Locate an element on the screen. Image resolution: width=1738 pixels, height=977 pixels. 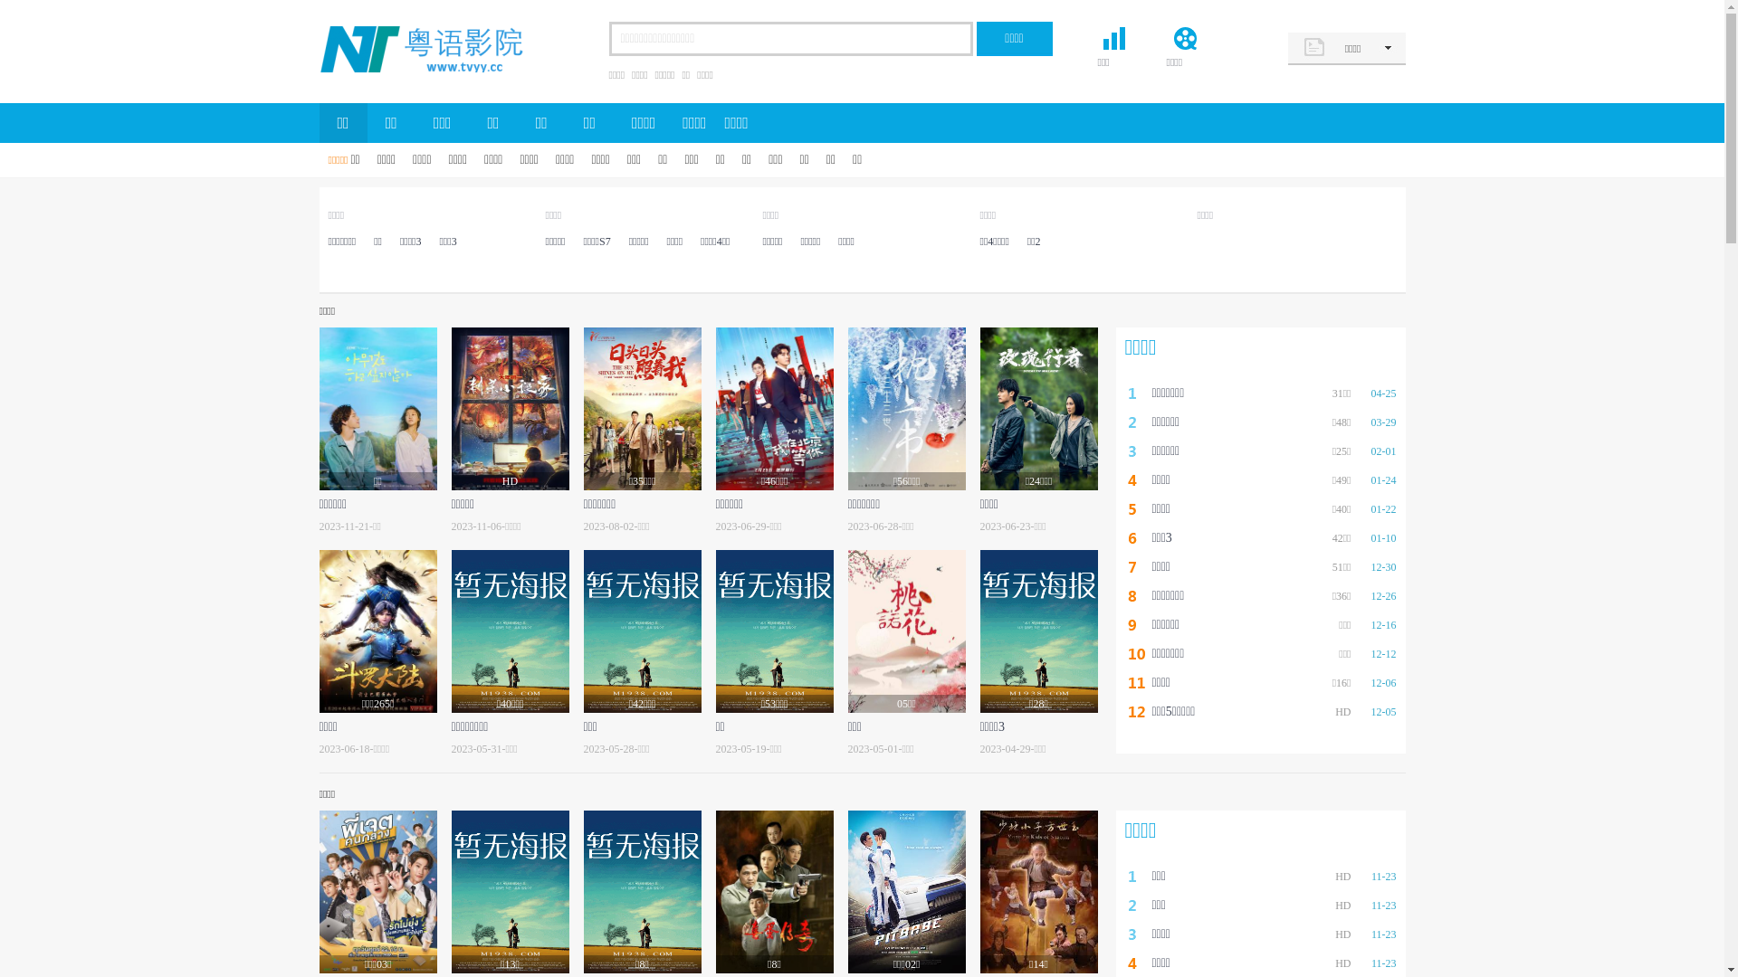
'HD' is located at coordinates (508, 408).